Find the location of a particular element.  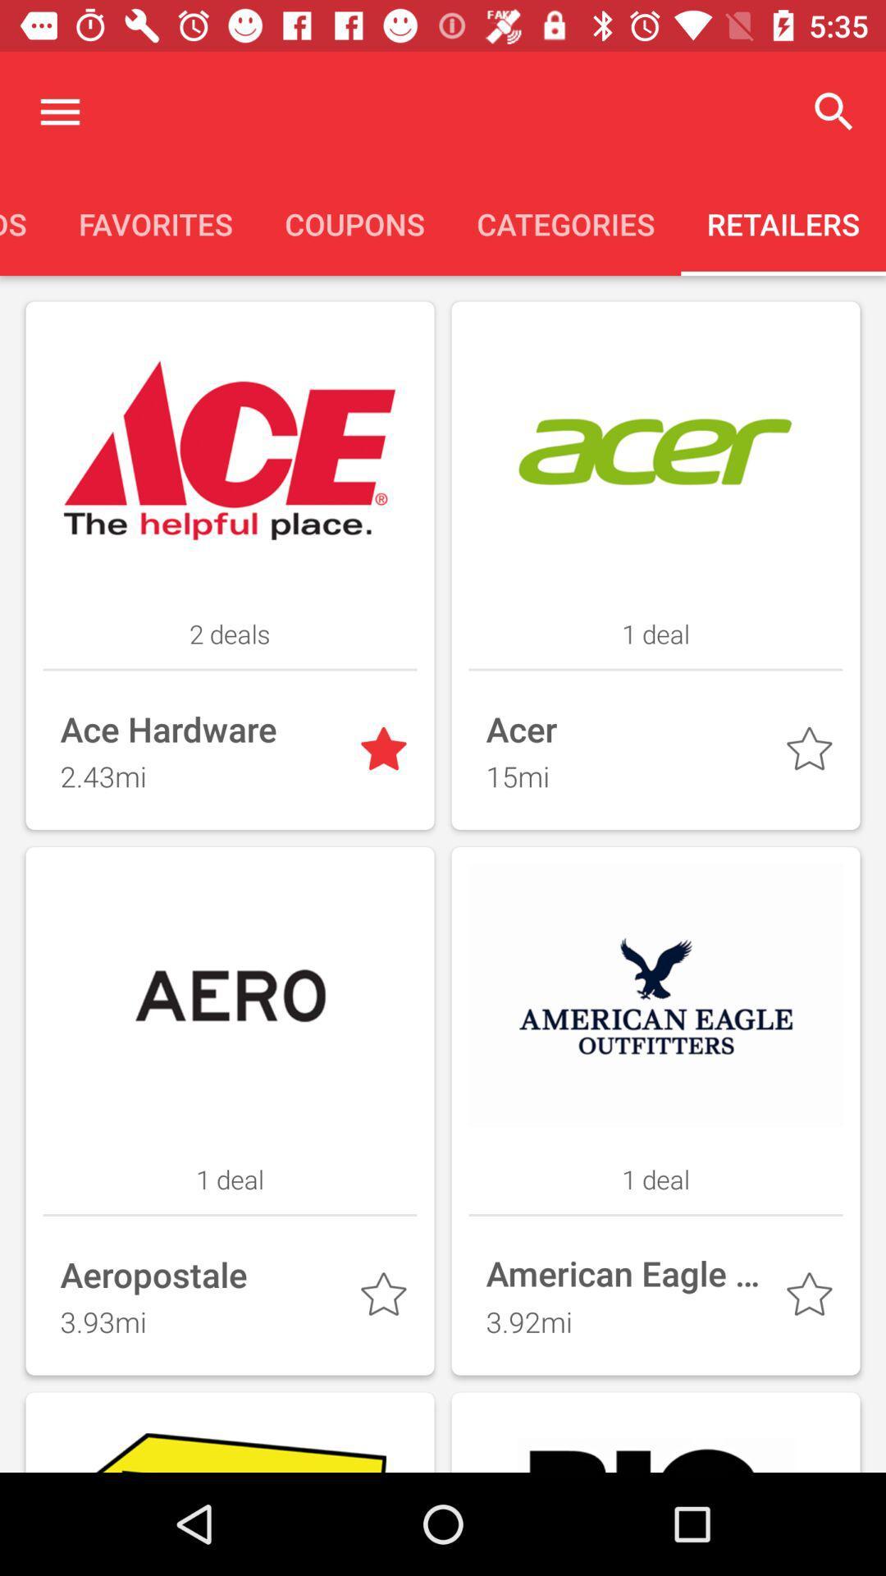

open menu is located at coordinates (59, 111).